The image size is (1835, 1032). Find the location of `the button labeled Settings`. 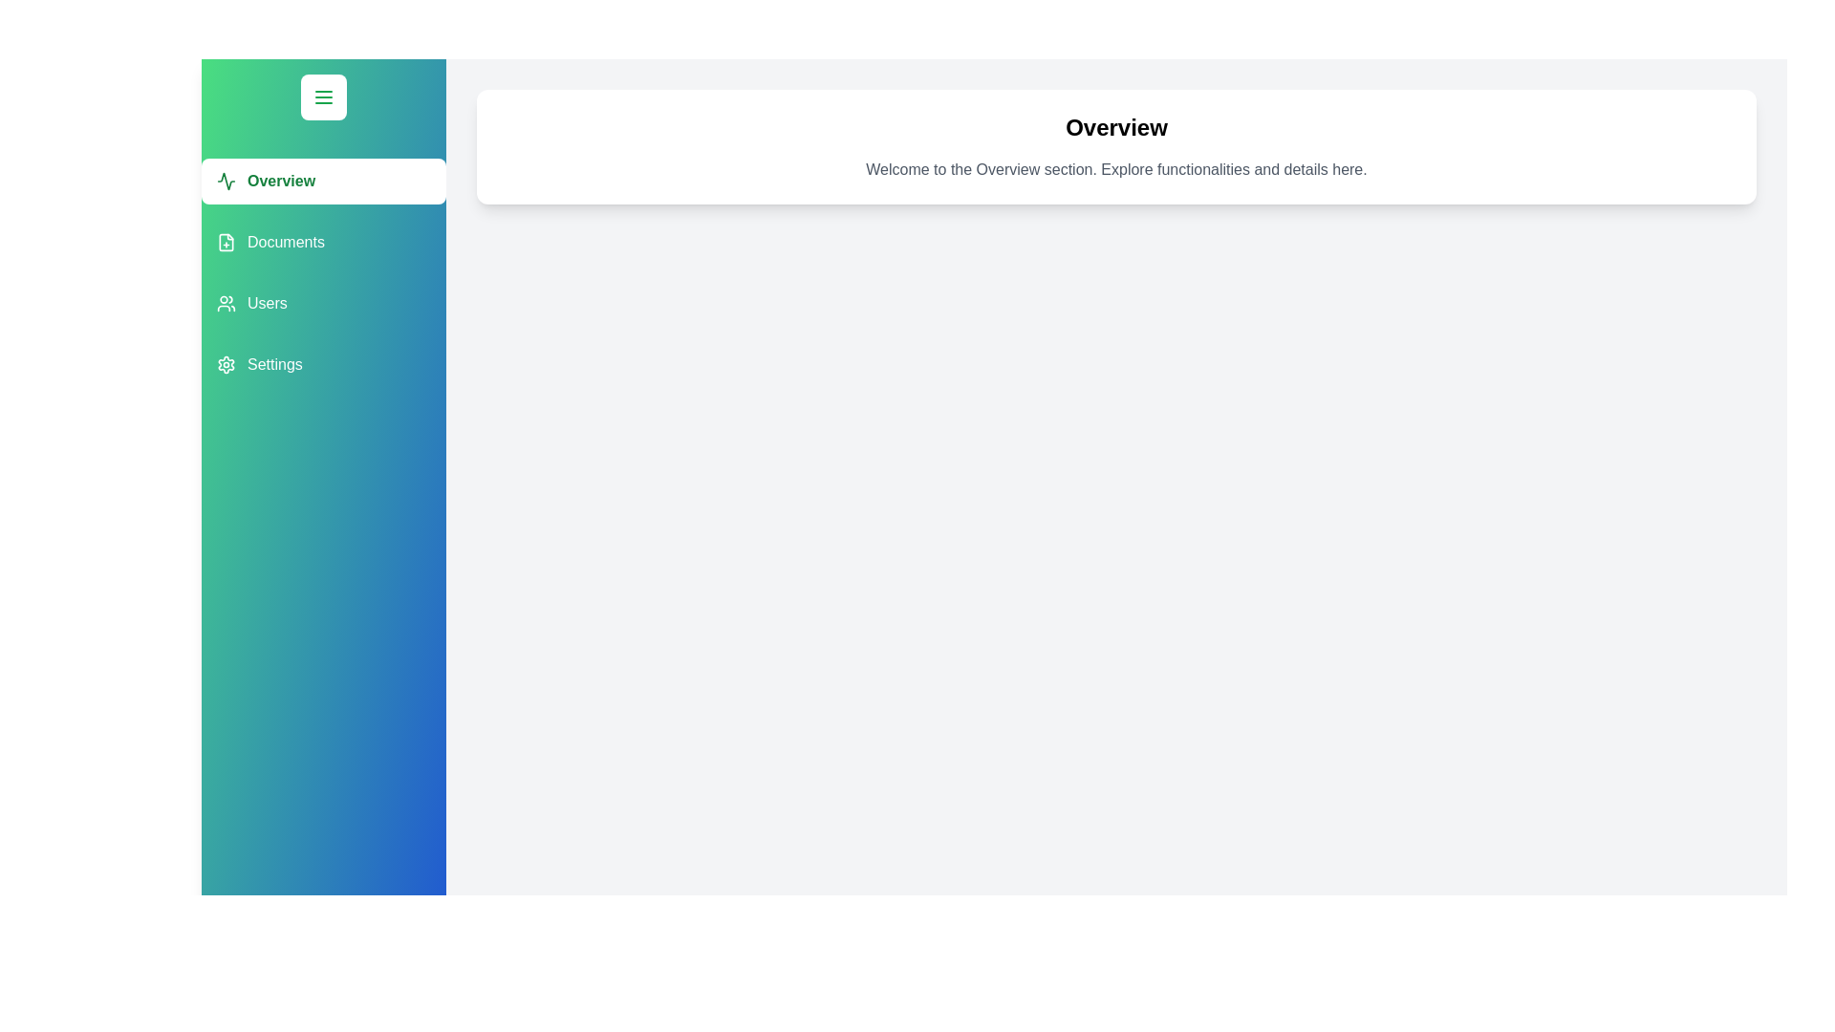

the button labeled Settings is located at coordinates (324, 364).